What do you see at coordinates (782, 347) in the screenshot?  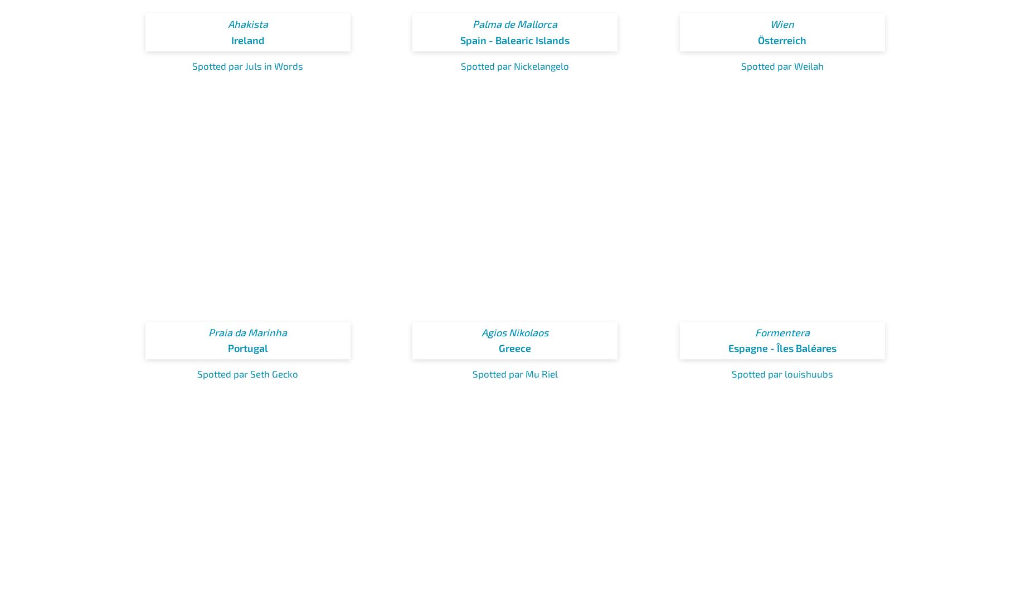 I see `'Espagne - Îles Baléares'` at bounding box center [782, 347].